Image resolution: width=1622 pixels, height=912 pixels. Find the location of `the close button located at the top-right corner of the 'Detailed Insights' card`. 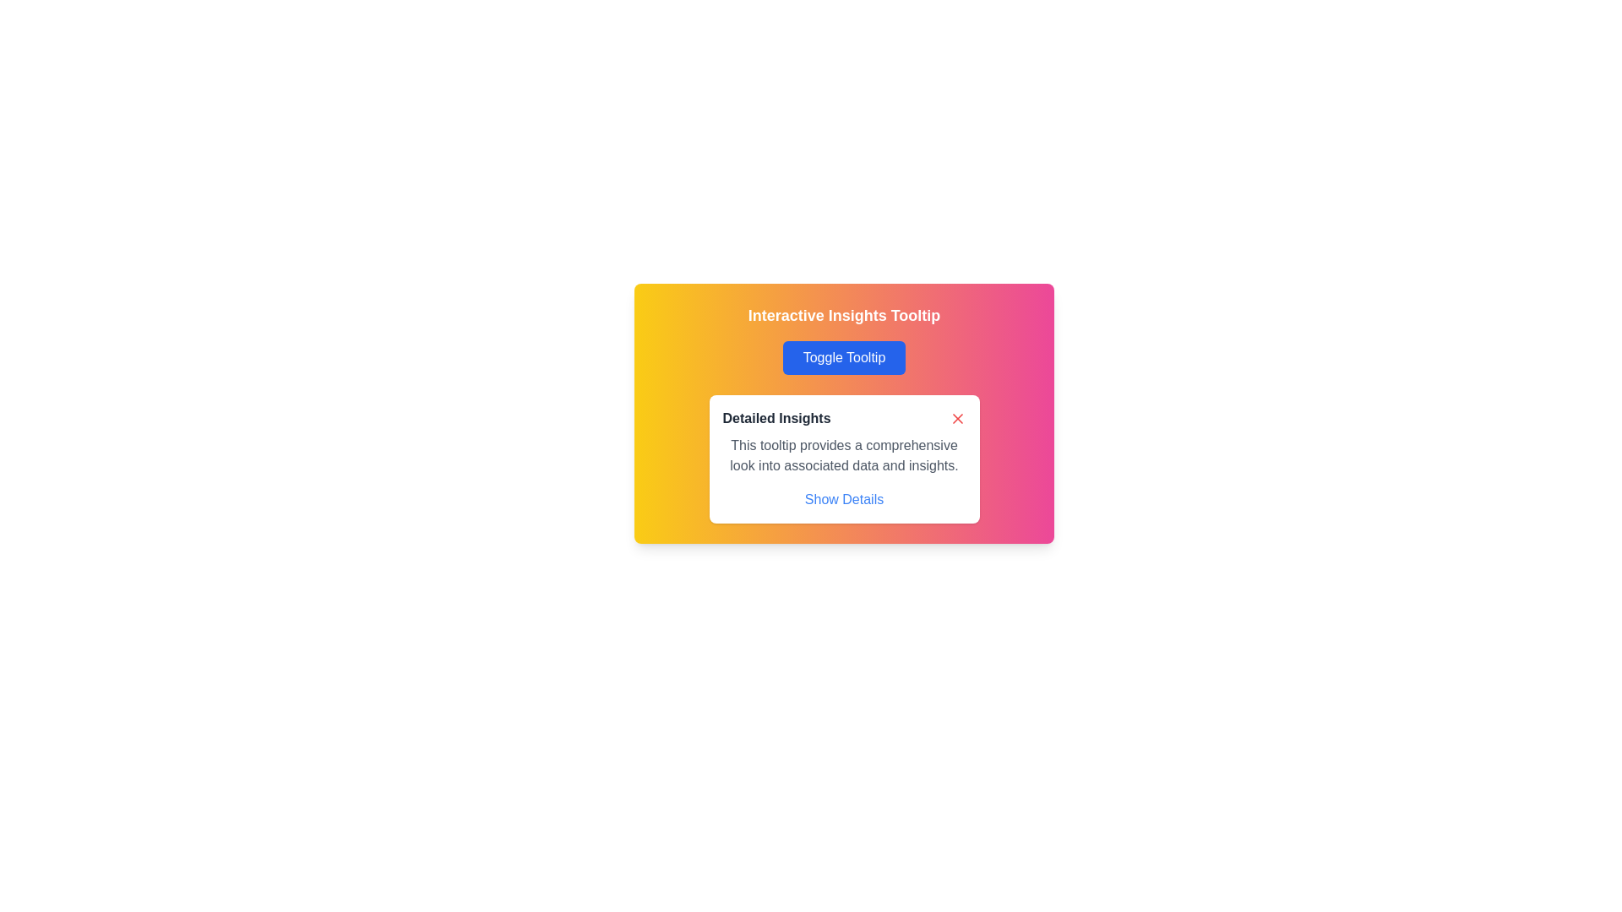

the close button located at the top-right corner of the 'Detailed Insights' card is located at coordinates (957, 418).